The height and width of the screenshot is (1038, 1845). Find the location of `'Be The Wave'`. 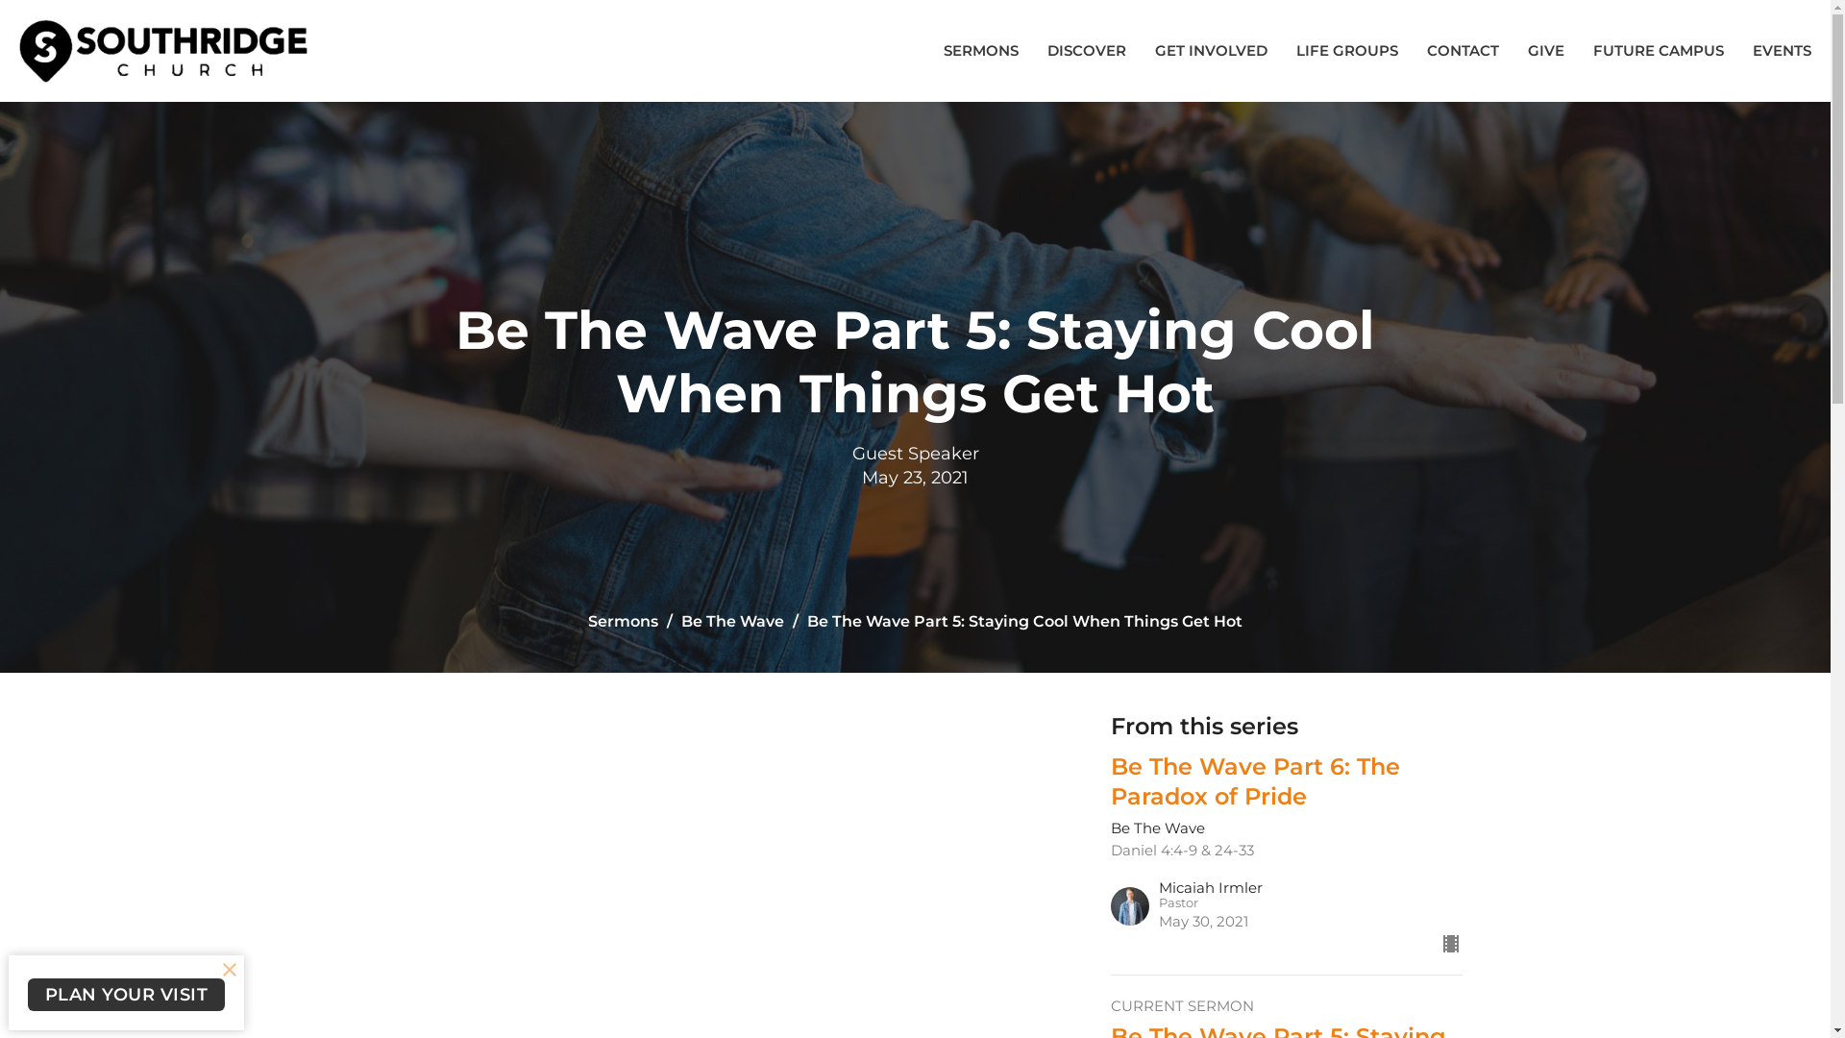

'Be The Wave' is located at coordinates (731, 621).